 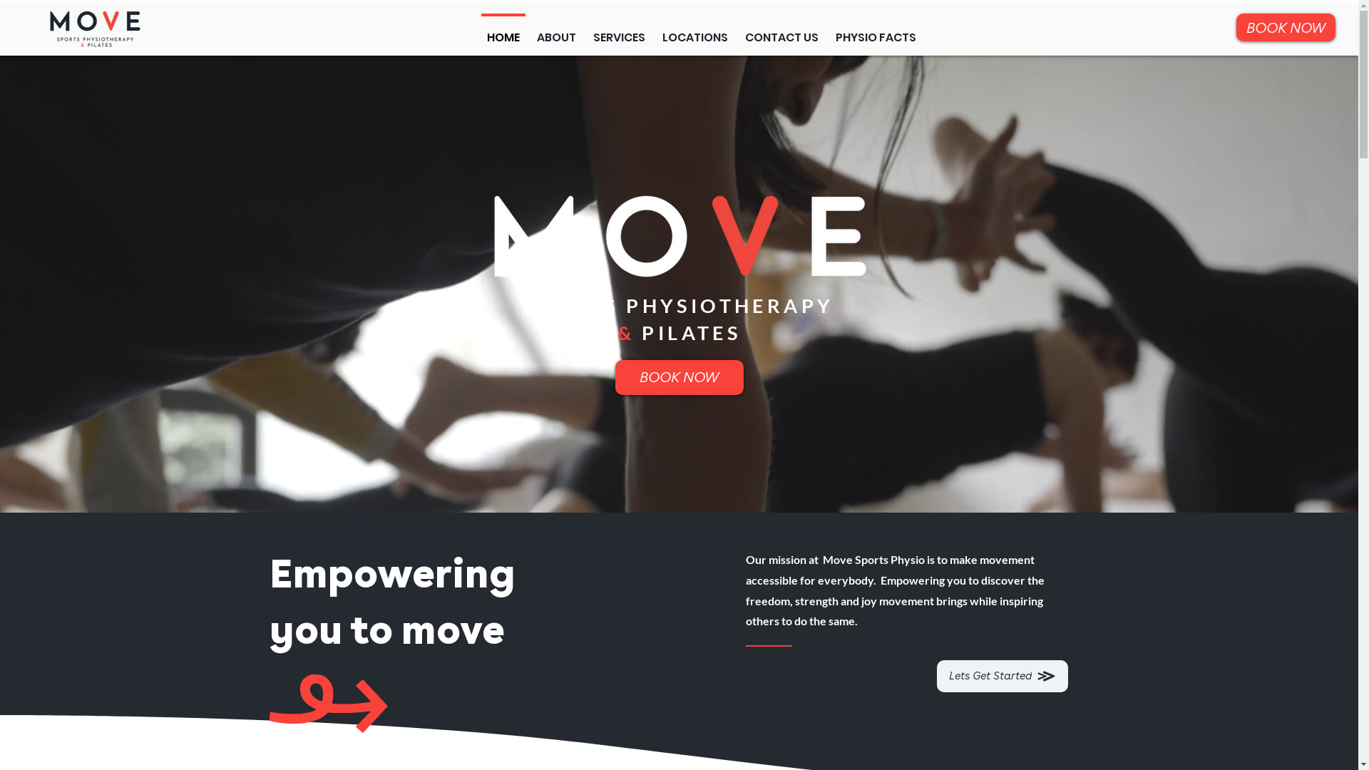 I want to click on 'LOCATIONS', so click(x=694, y=31).